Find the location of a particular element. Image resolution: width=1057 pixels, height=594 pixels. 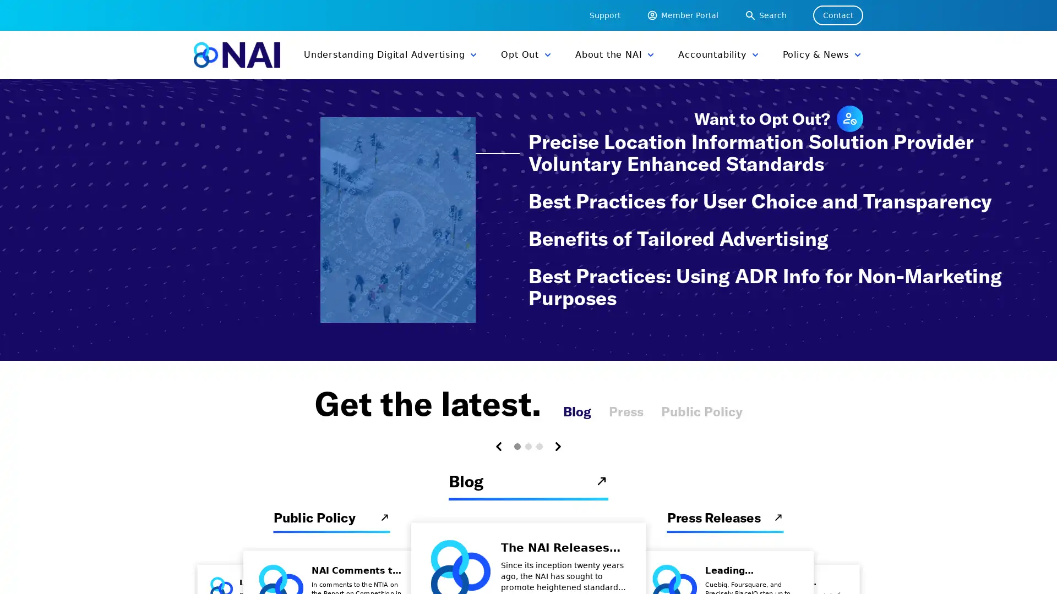

Carousel Page 3 is located at coordinates (539, 447).